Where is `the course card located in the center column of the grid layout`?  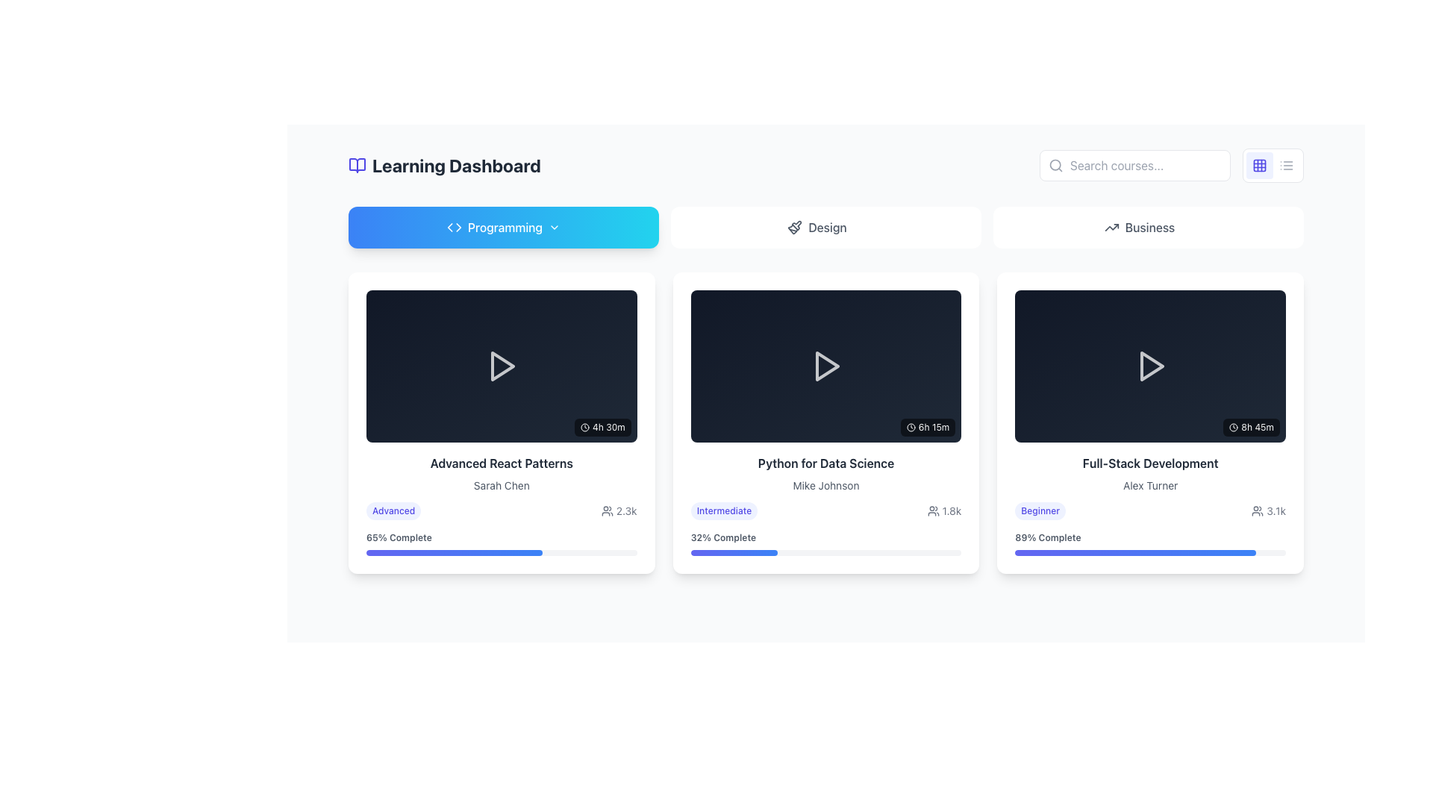
the course card located in the center column of the grid layout is located at coordinates (825, 423).